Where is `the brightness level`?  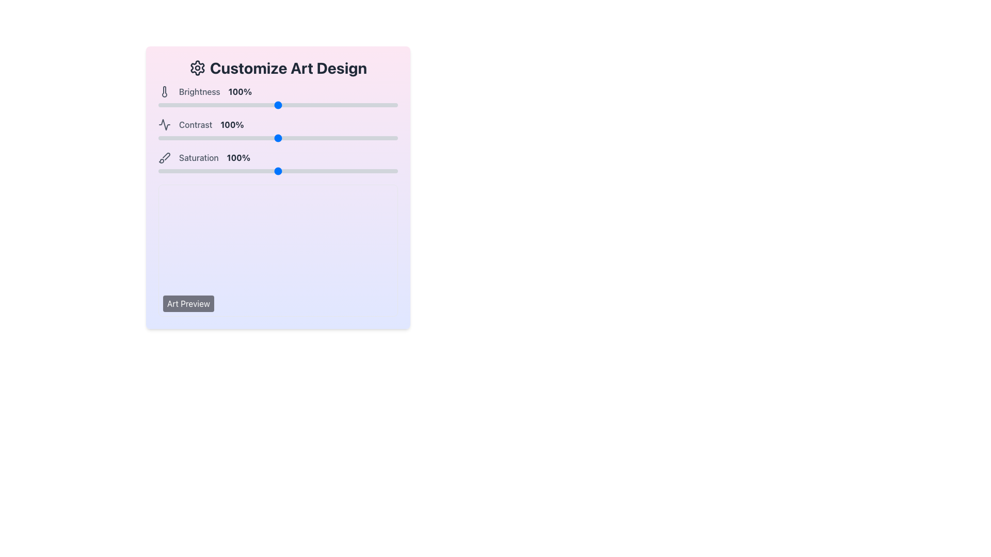
the brightness level is located at coordinates (299, 105).